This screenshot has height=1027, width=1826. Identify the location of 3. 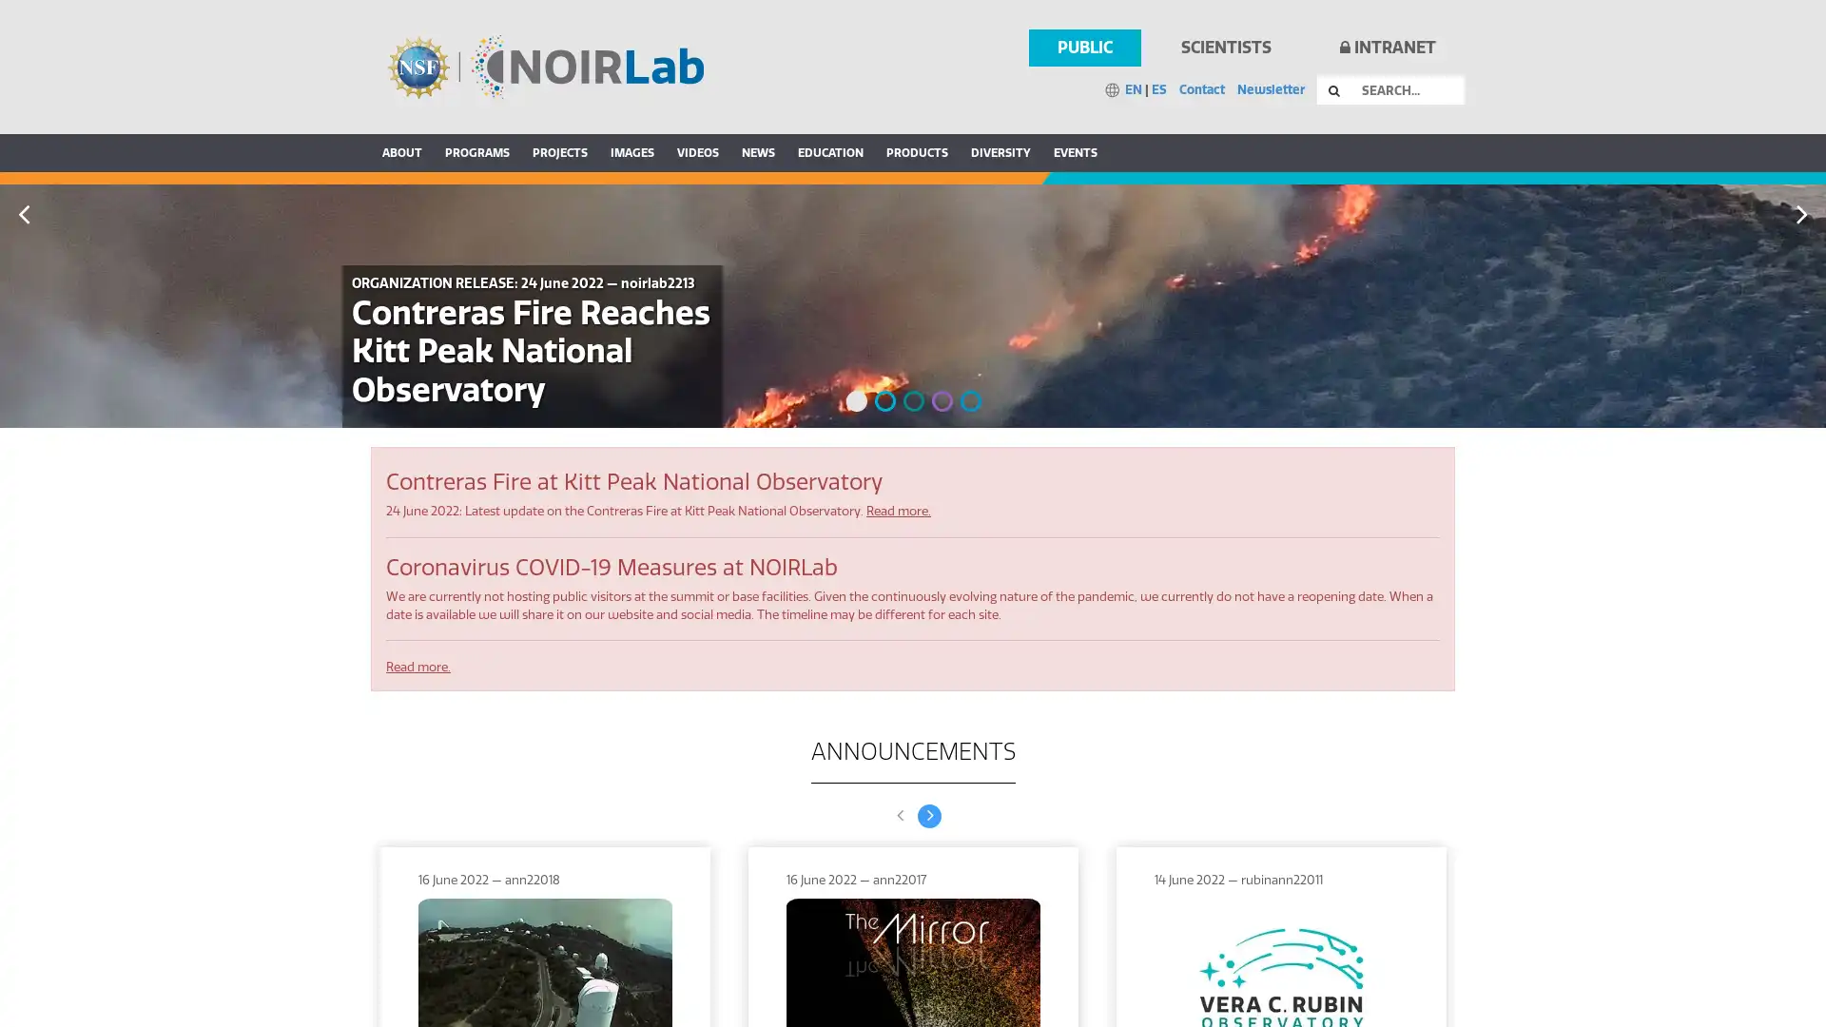
(913, 585).